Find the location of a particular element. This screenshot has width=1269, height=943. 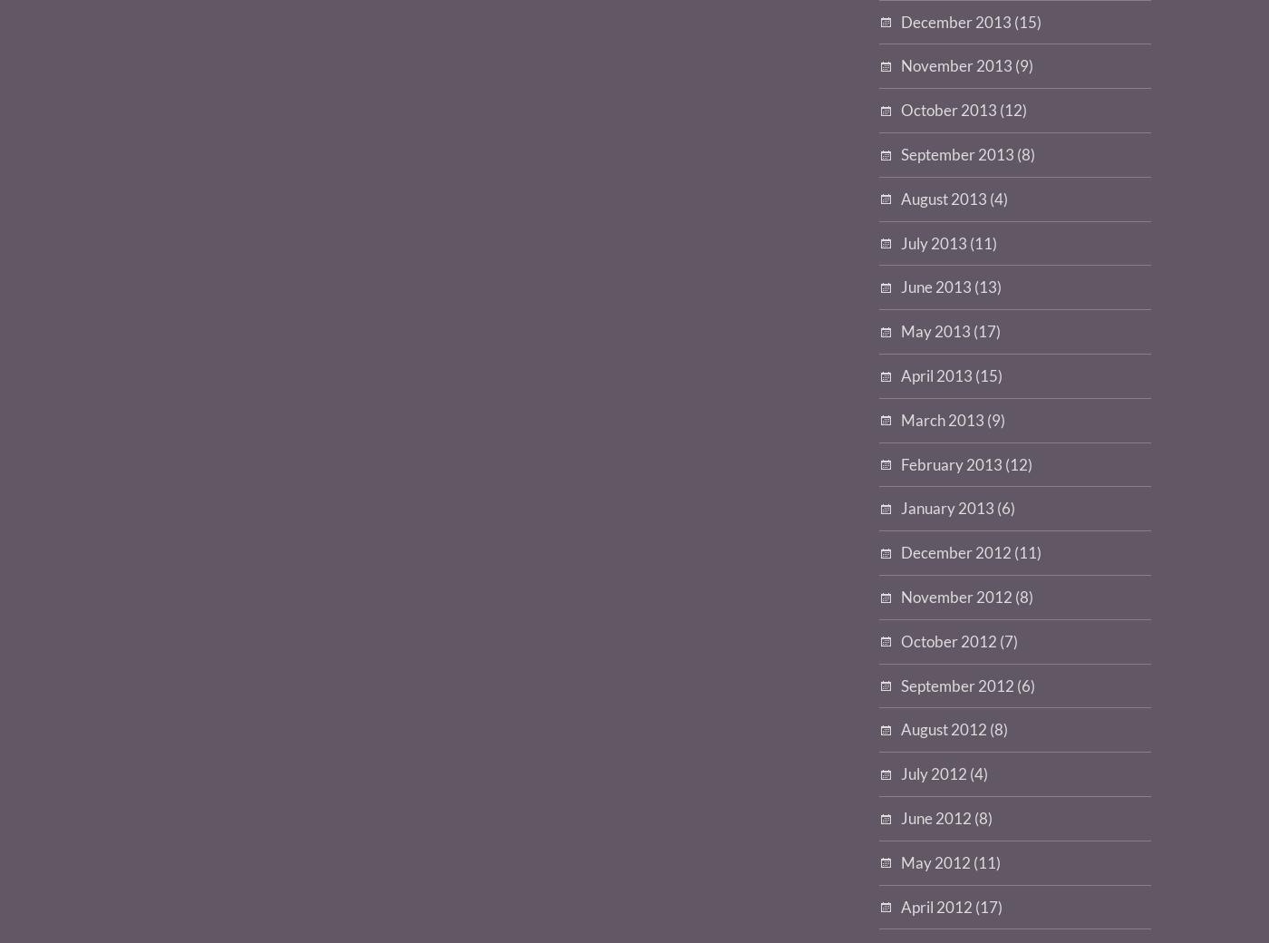

'August 2013' is located at coordinates (944, 198).